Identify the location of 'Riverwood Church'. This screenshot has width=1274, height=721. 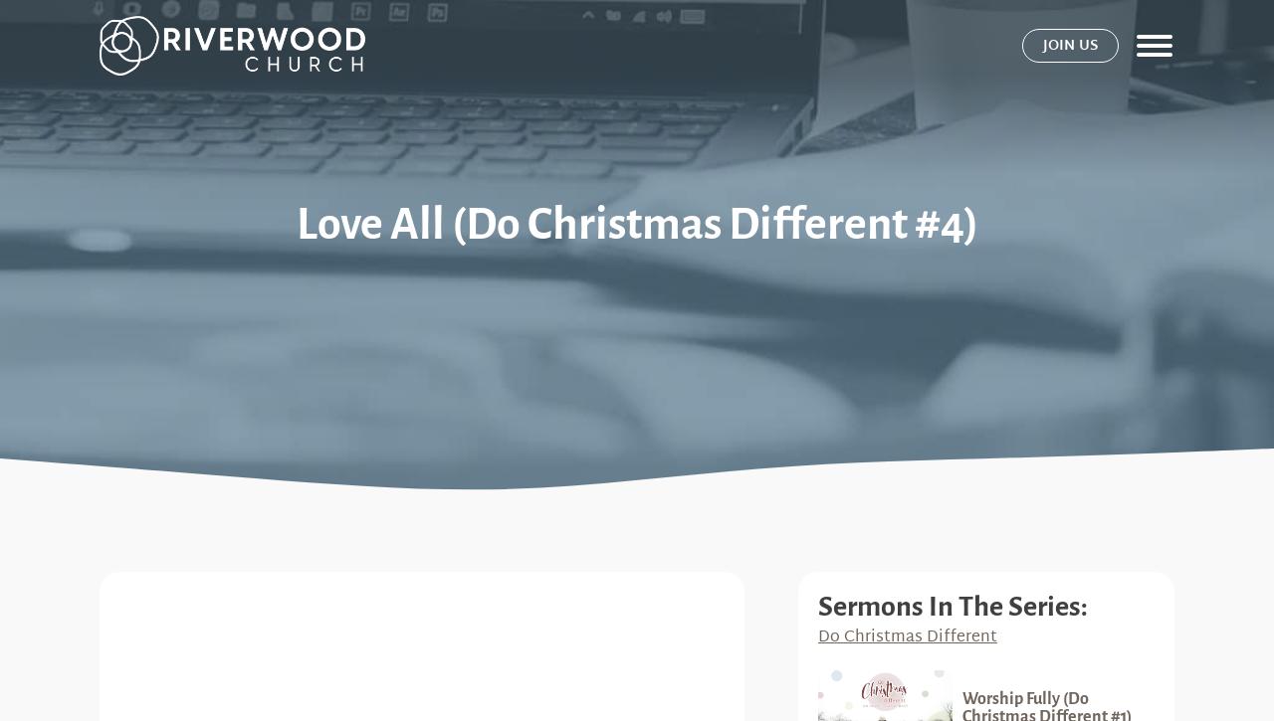
(218, 629).